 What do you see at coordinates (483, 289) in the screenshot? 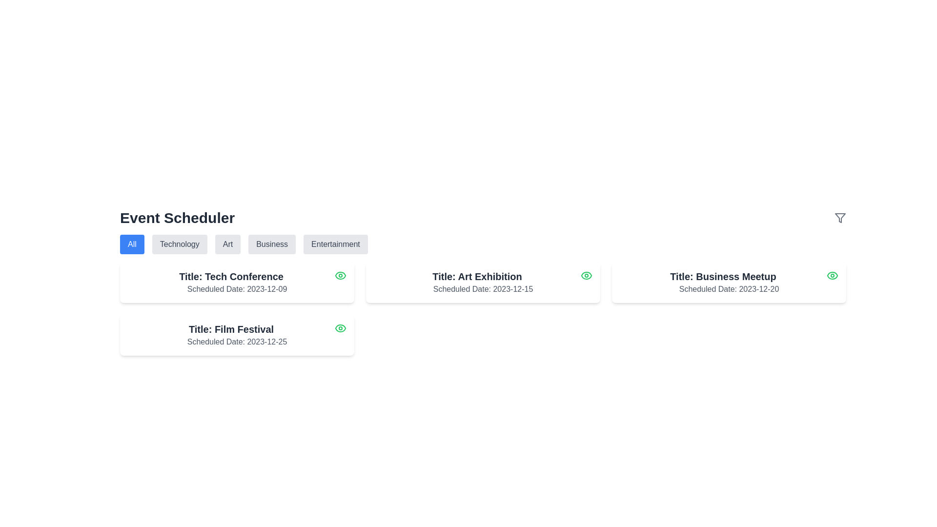
I see `the text label displaying 'Scheduled Date: 2023-12-15' styled in gray, located below the event title 'Title: Art Exhibition' within a white rounded card` at bounding box center [483, 289].